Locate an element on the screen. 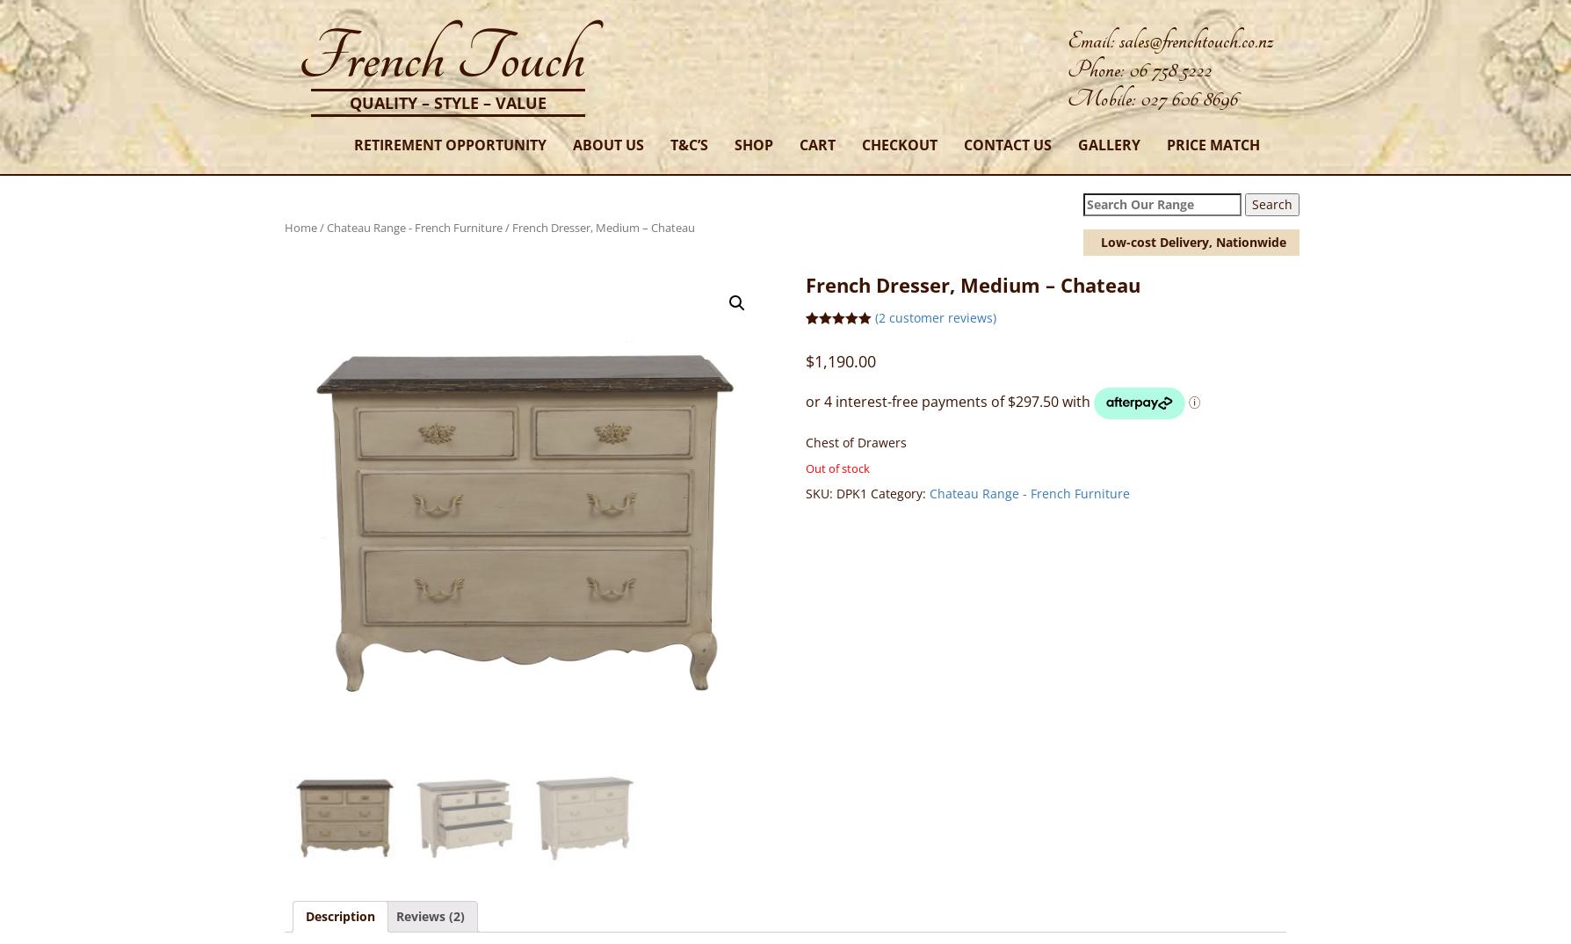 The height and width of the screenshot is (944, 1571). 'Low-cost Delivery, Nationwide' is located at coordinates (1193, 242).